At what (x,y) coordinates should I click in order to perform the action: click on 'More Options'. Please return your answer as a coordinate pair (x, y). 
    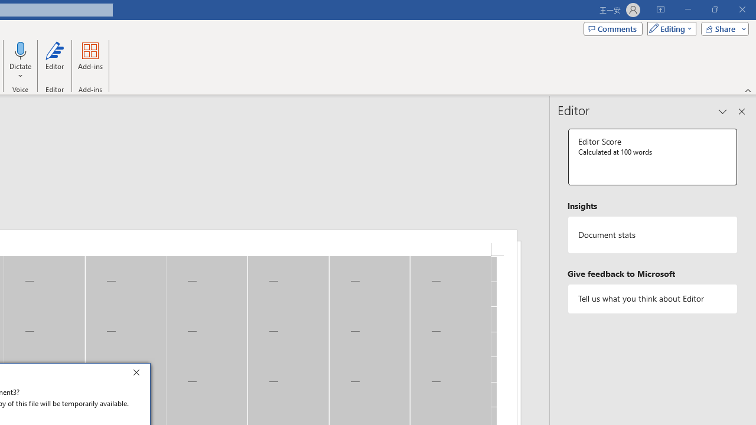
    Looking at the image, I should click on (21, 71).